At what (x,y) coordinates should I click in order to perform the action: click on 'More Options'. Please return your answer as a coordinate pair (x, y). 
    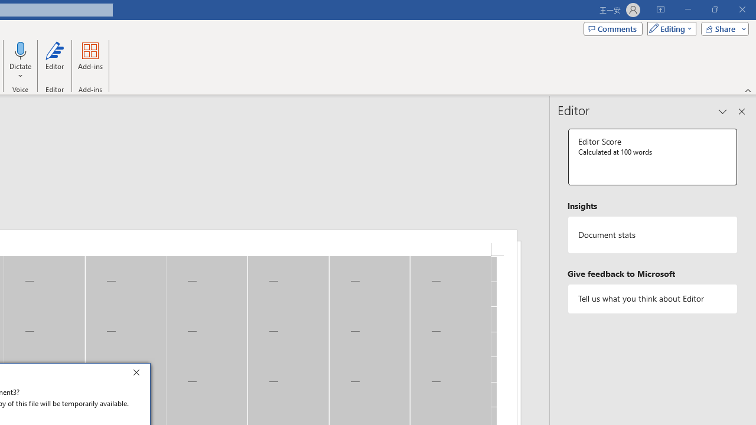
    Looking at the image, I should click on (21, 71).